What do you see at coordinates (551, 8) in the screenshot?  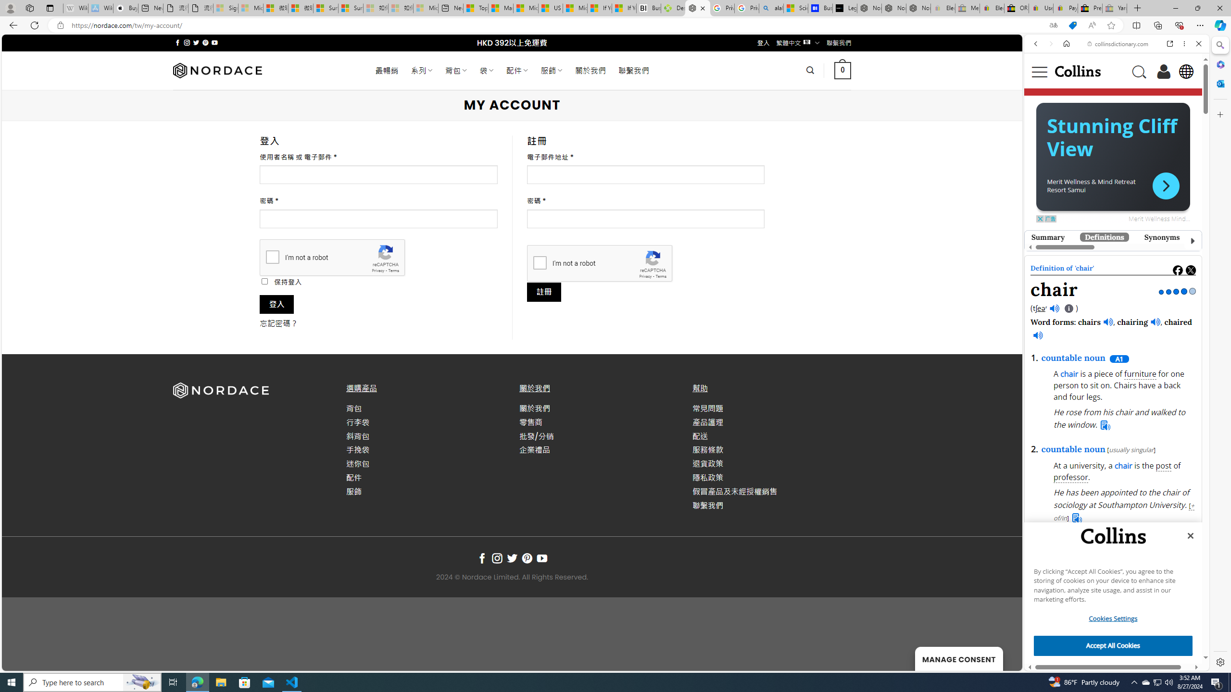 I see `'US Heat Deaths Soared To Record High Last Year'` at bounding box center [551, 8].